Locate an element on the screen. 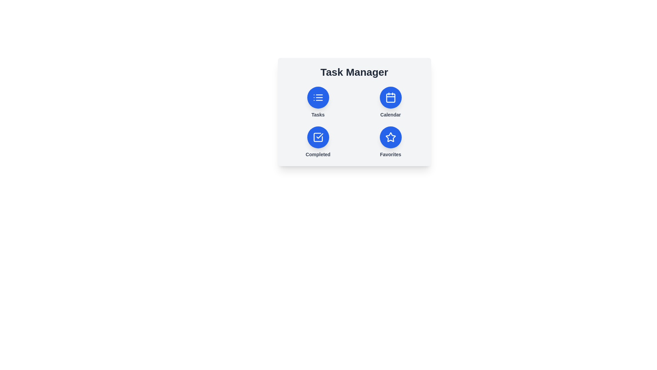 This screenshot has width=657, height=370. bold, large-sized, centered textual header 'Task Manager' styled in dark gray on a light gray card, positioned at the top center of the card is located at coordinates (354, 72).